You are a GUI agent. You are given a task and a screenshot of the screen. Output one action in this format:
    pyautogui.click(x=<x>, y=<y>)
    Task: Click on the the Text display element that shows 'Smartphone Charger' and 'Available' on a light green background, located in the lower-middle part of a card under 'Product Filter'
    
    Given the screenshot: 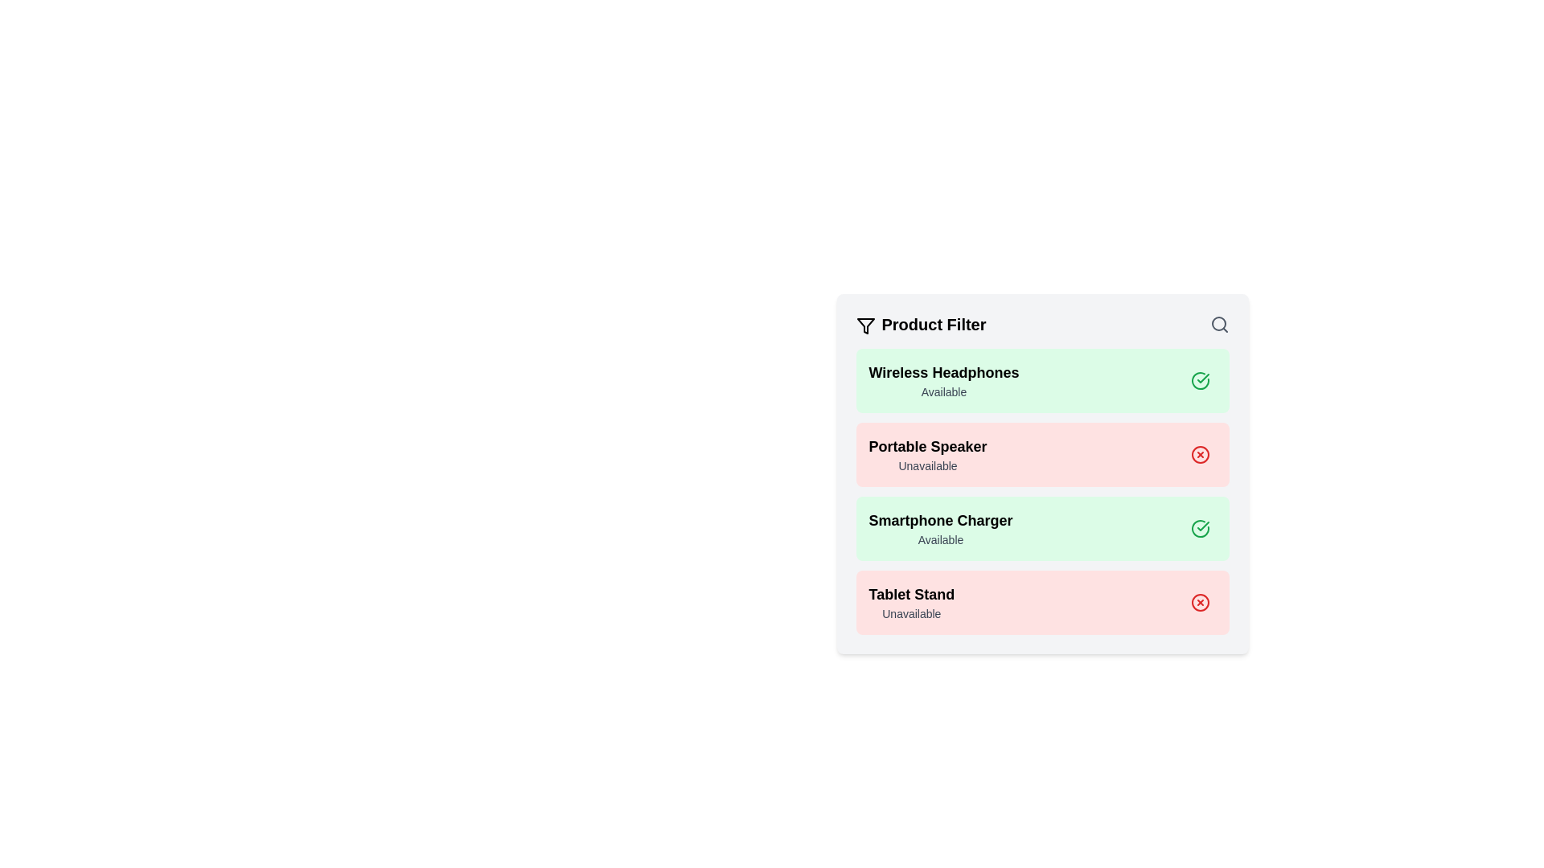 What is the action you would take?
    pyautogui.click(x=941, y=529)
    